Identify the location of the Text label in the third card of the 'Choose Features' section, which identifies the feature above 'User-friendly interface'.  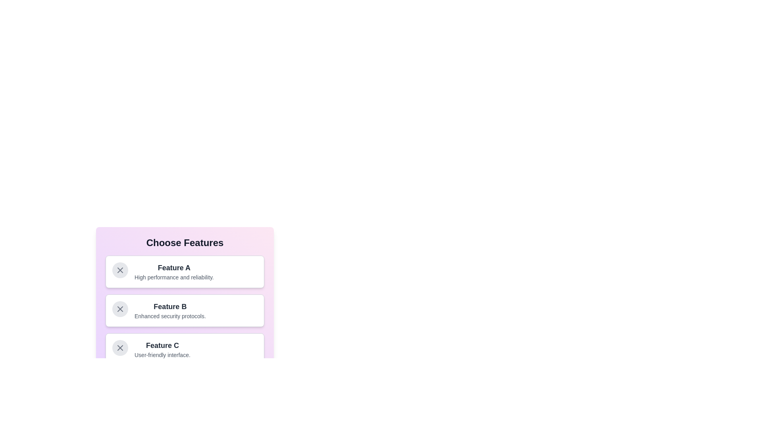
(162, 345).